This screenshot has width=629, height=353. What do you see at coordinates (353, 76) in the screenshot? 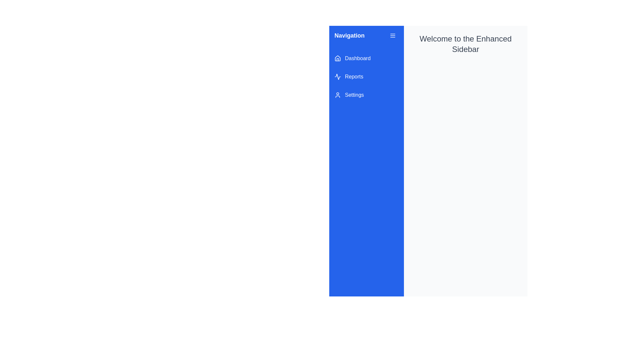
I see `the 'Reports' text label located in the vertical navigation menu, positioned beneath the 'Dashboard' and above the 'Settings' options` at bounding box center [353, 76].